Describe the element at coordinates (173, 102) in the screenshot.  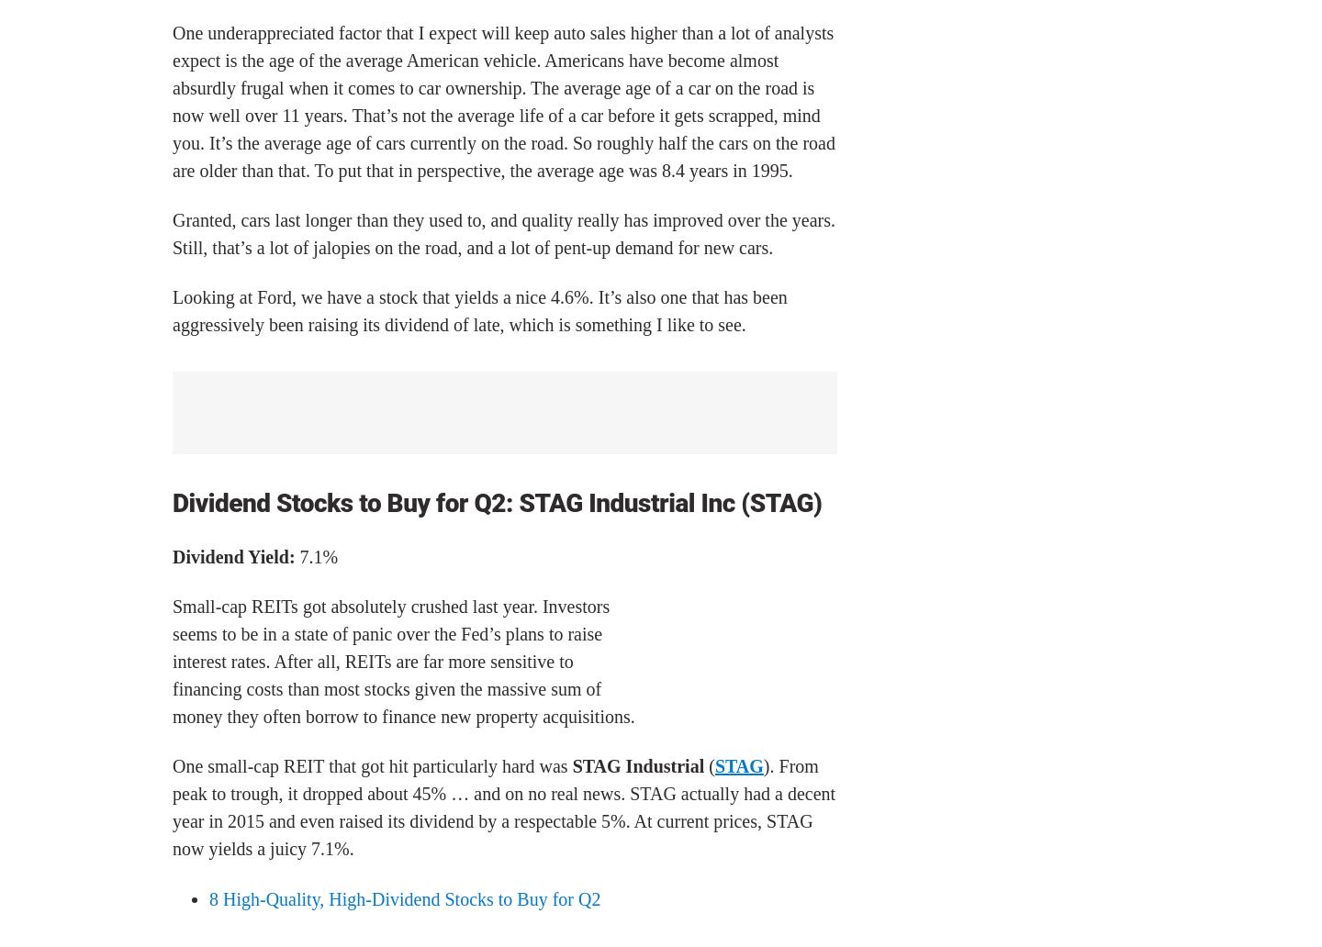
I see `'One underappreciated factor that I expect will keep auto sales higher than a lot of analysts expect is the age of the average American vehicle. Americans have become almost absurdly frugal when it comes to car ownership. The average age of a car on the road is now well over 11 years. That’s not the average life of a car before it gets scrapped, mind you. It’s the average age of cars currently on the road. So roughly half the cars on the road are older than that. To put that in perspective, the average age was 8.4 years in 1995.'` at that location.